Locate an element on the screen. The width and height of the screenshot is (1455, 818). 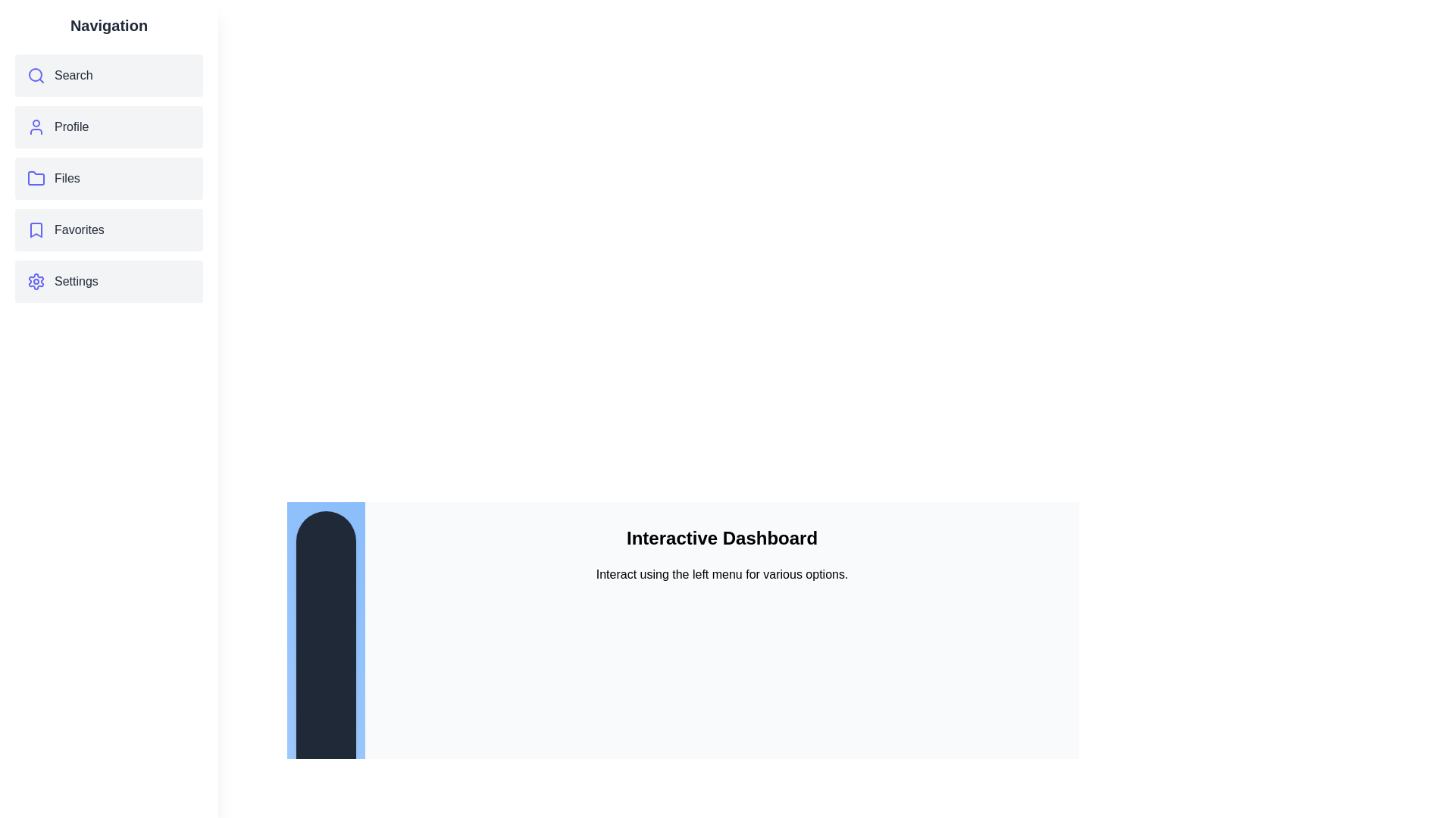
the menu item Profile to observe its hover effect is located at coordinates (108, 126).